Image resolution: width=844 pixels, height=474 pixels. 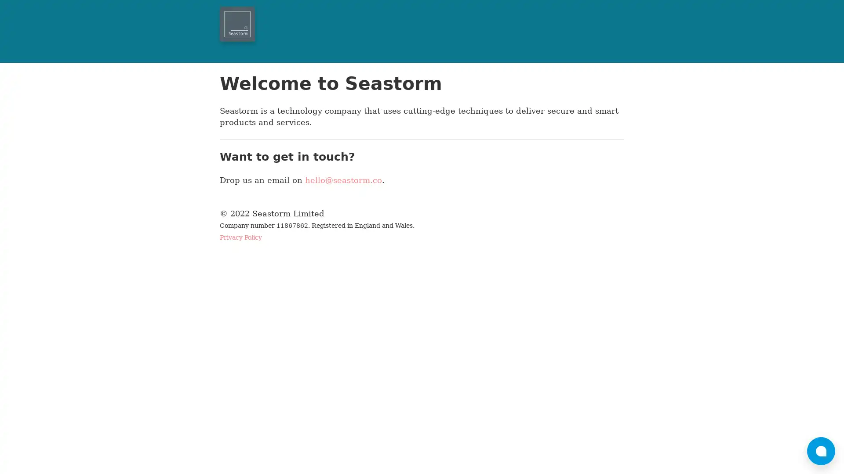 What do you see at coordinates (820, 451) in the screenshot?
I see `bubble-icon` at bounding box center [820, 451].